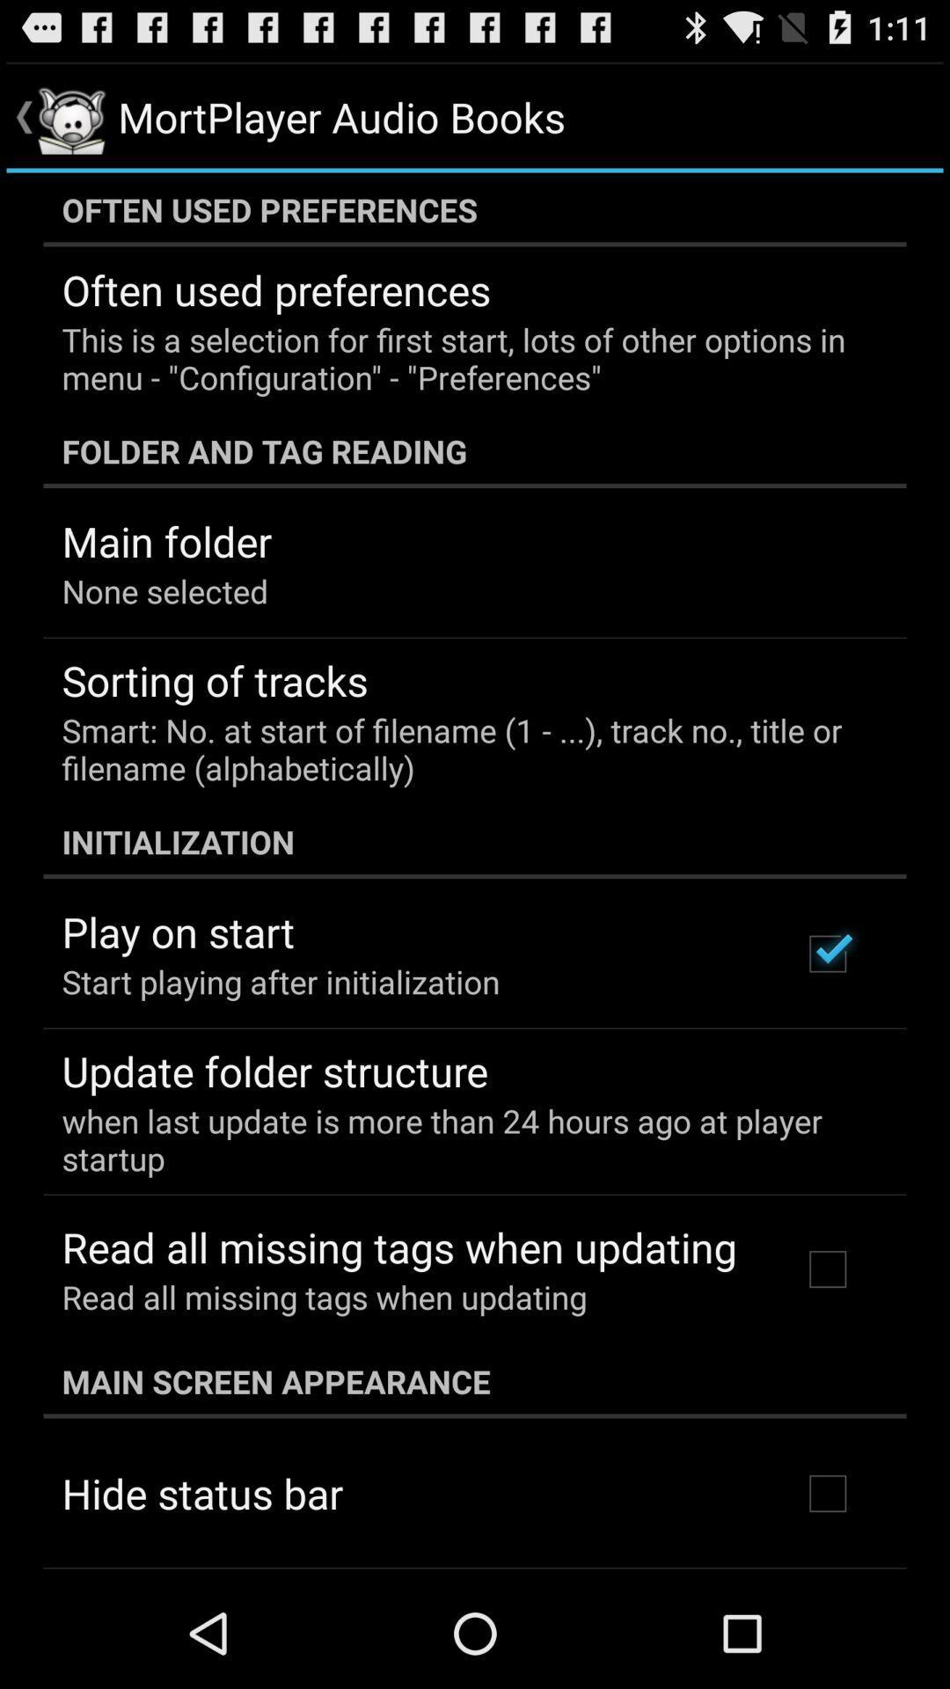 The height and width of the screenshot is (1689, 950). I want to click on the app below the folder and tag app, so click(166, 540).